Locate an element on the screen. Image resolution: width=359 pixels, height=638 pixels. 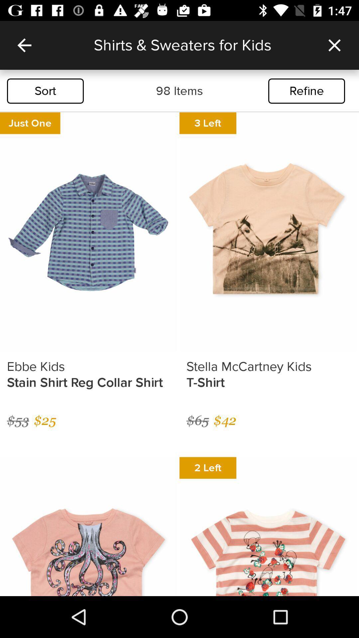
the item next to sort is located at coordinates (179, 91).